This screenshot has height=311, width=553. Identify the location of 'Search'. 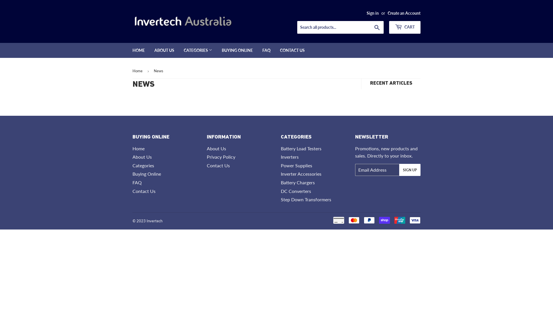
(377, 28).